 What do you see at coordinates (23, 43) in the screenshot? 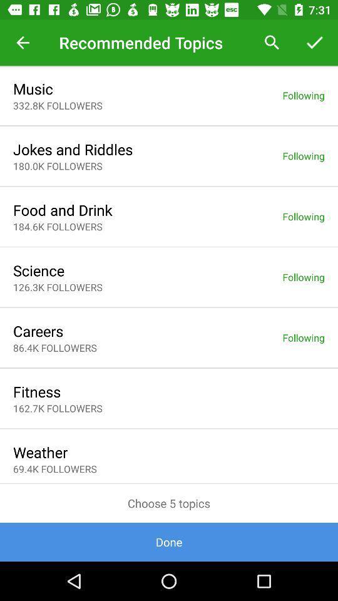
I see `icon next to recommended topics app` at bounding box center [23, 43].